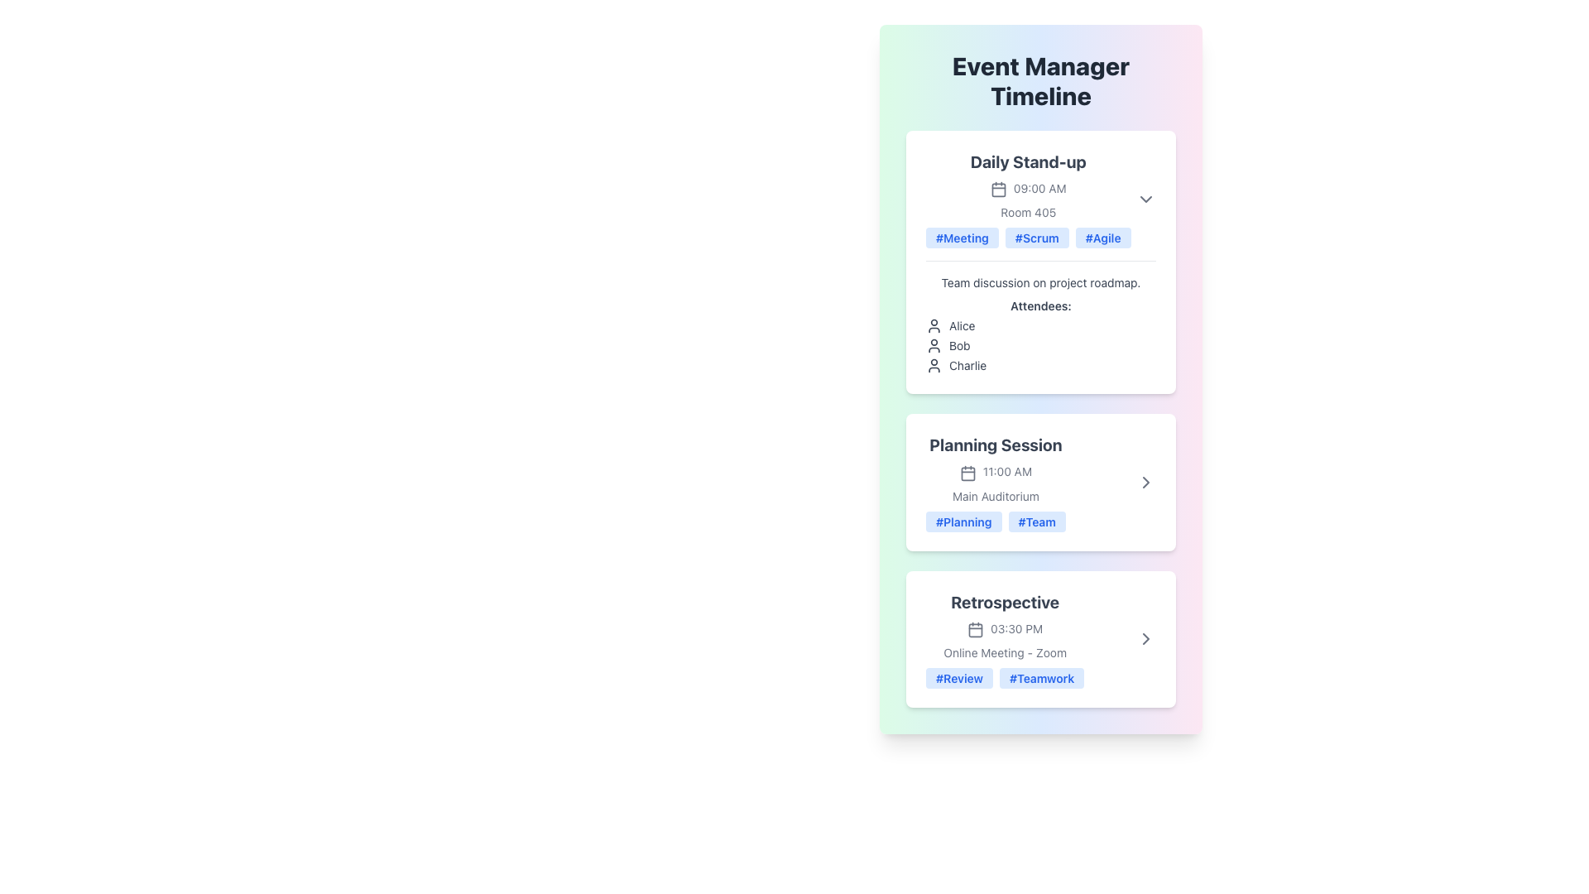 This screenshot has width=1589, height=894. Describe the element at coordinates (1145, 482) in the screenshot. I see `the right-pointing chevron icon button located at the rightmost side of the 'Planning Session' card` at that location.